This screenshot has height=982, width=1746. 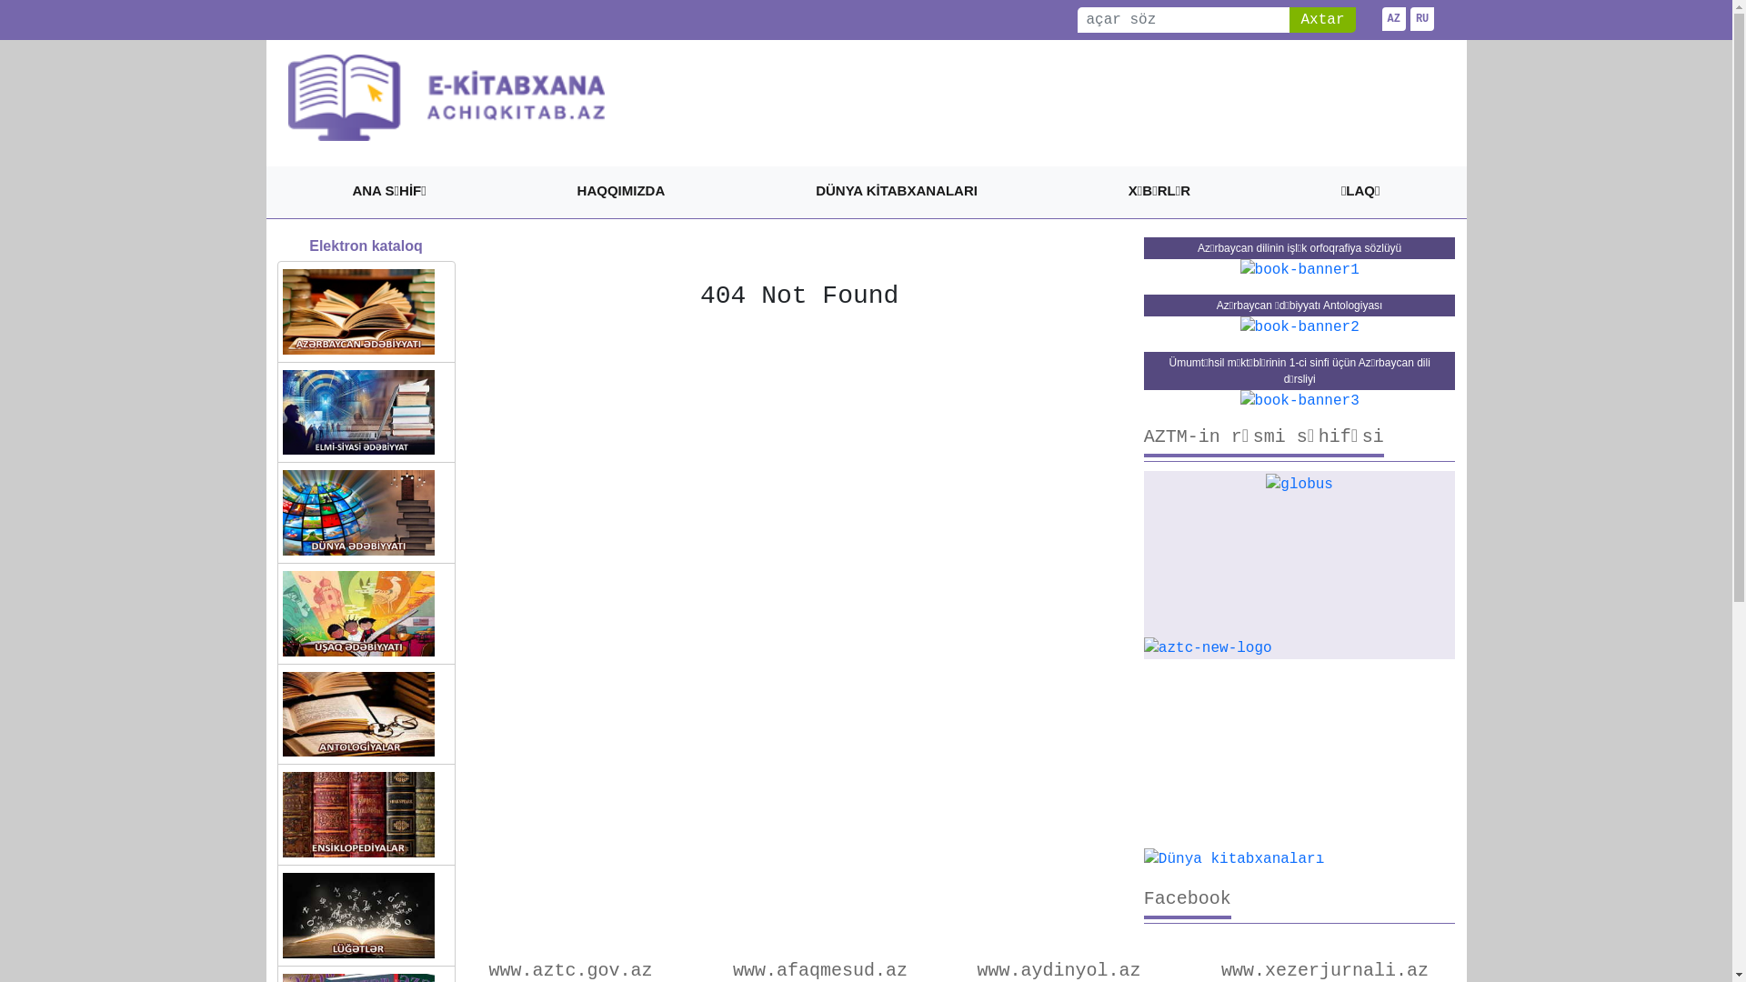 What do you see at coordinates (621, 193) in the screenshot?
I see `'HAQQIMIZDA'` at bounding box center [621, 193].